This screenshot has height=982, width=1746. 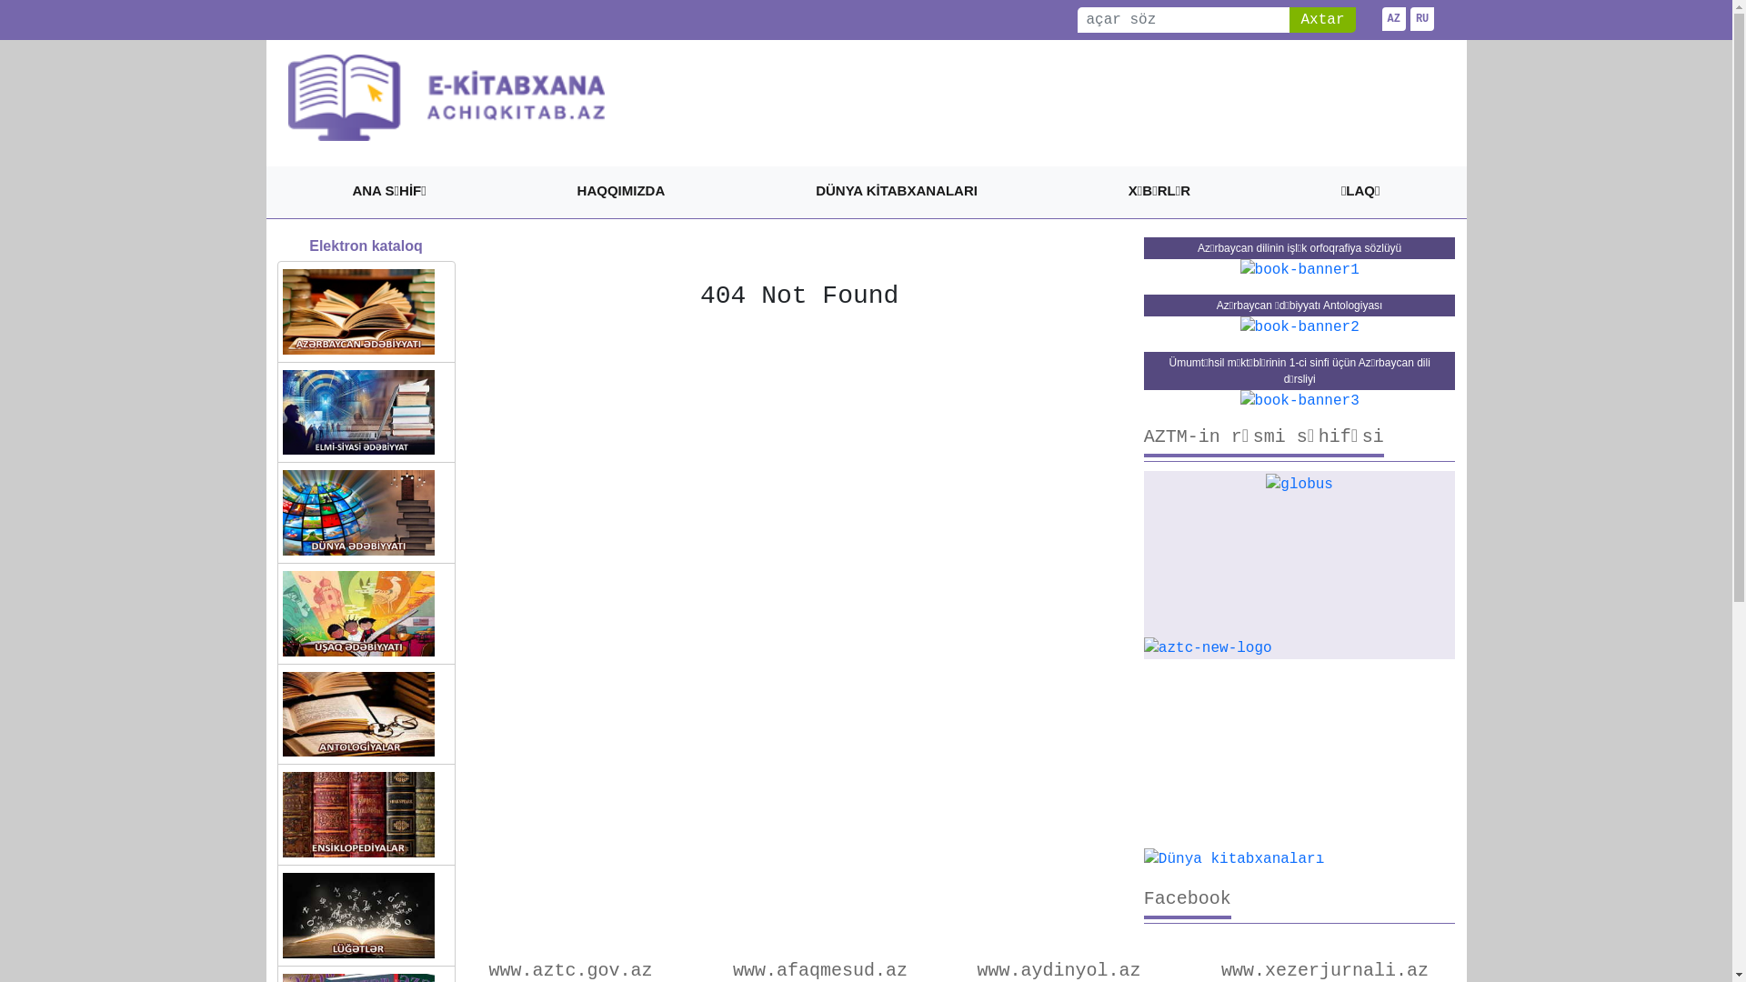 What do you see at coordinates (621, 193) in the screenshot?
I see `'HAQQIMIZDA'` at bounding box center [621, 193].